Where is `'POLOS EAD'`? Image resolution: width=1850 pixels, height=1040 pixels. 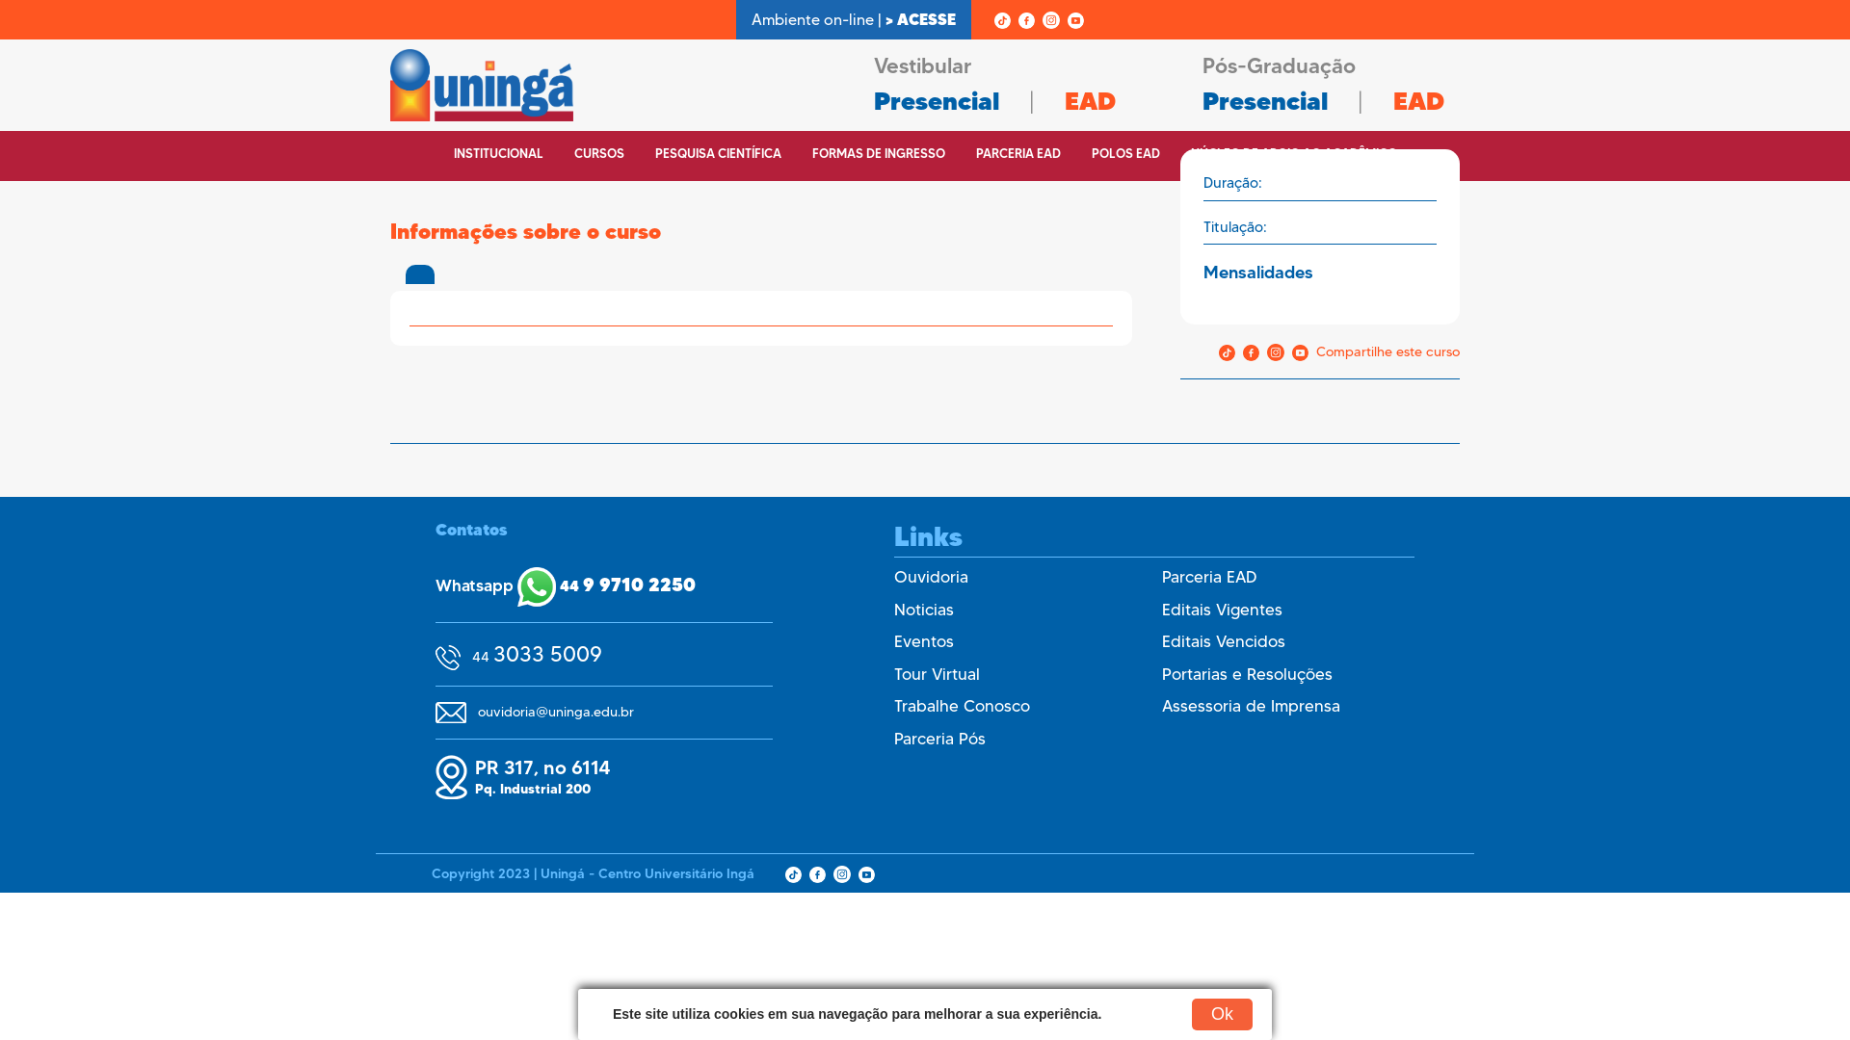
'POLOS EAD' is located at coordinates (1124, 155).